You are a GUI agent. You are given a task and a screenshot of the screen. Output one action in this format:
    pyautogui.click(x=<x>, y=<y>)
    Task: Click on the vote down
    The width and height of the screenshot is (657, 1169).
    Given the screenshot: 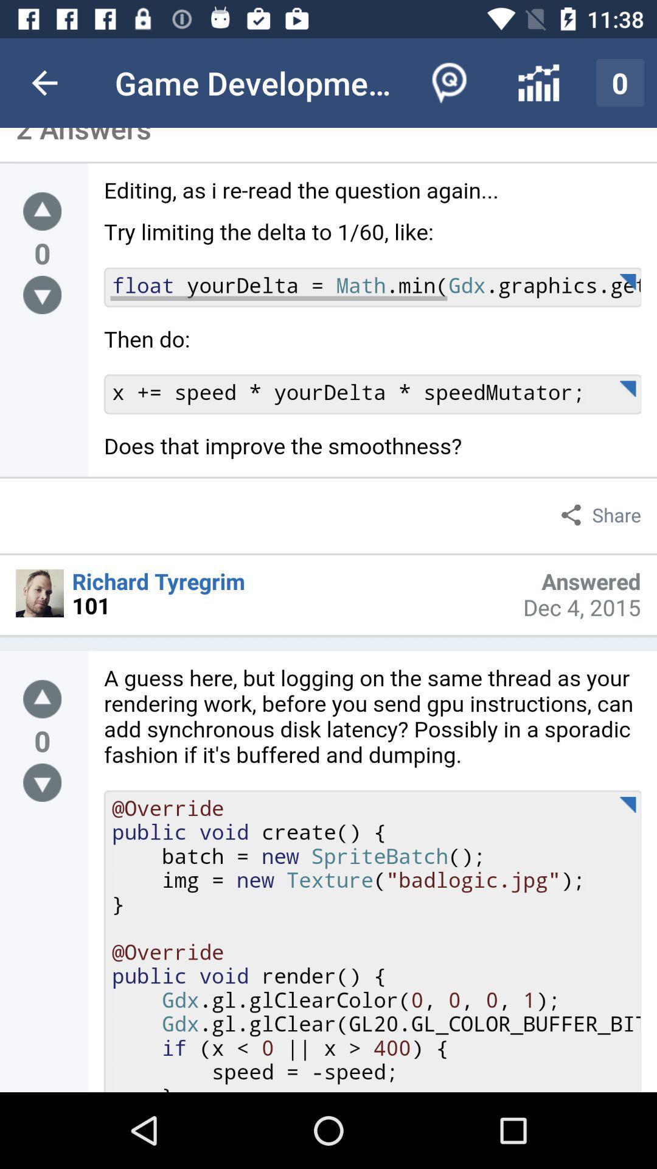 What is the action you would take?
    pyautogui.click(x=41, y=295)
    